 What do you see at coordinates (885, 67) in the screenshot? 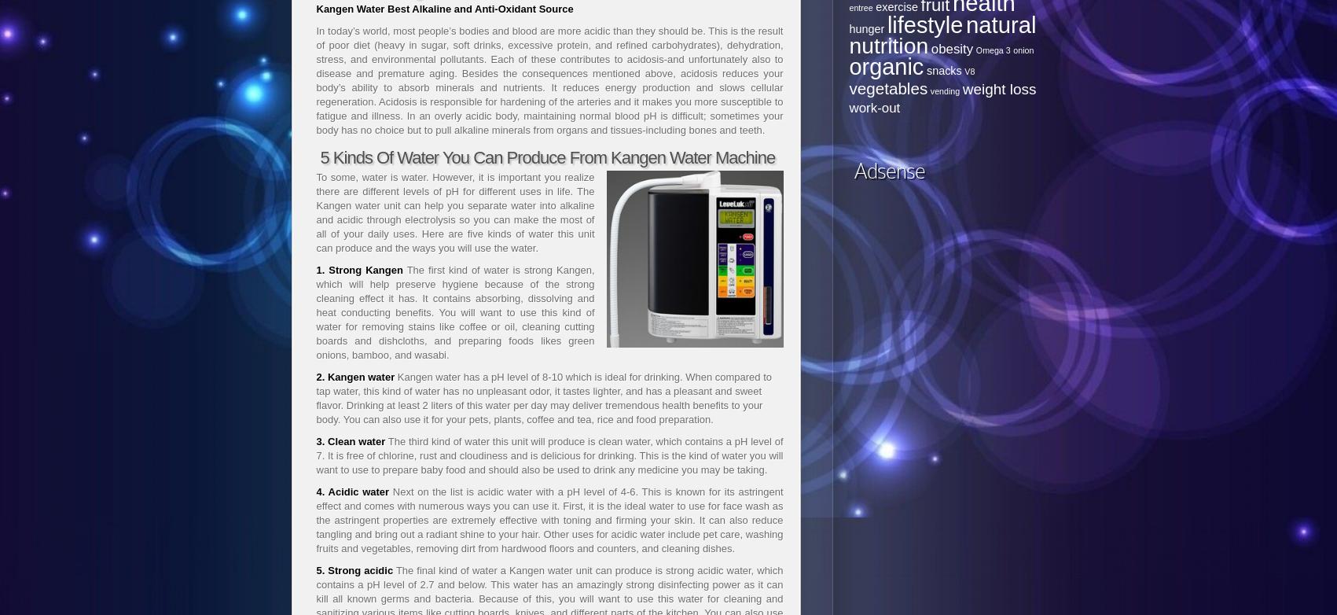
I see `'organic'` at bounding box center [885, 67].